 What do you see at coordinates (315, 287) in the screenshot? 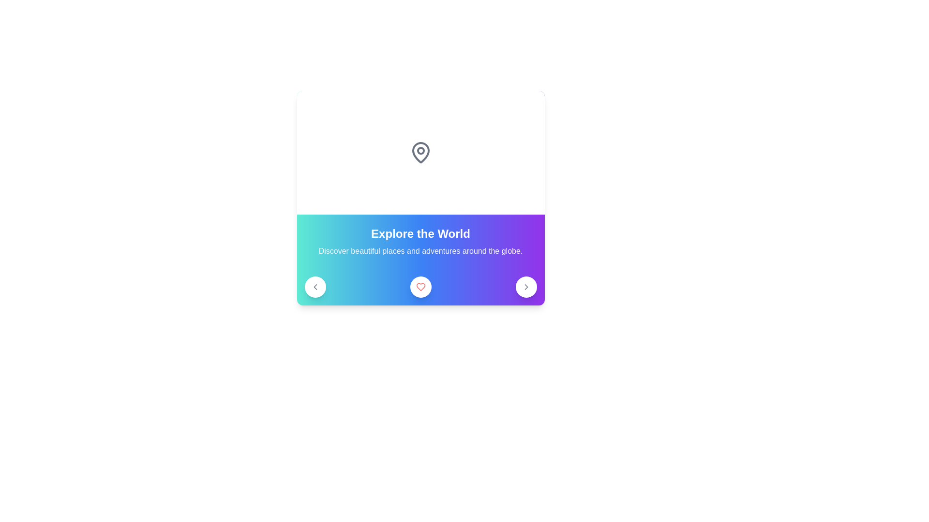
I see `the leftward-pointing chevron arrow icon, which is styled in a neutral color and positioned in the left navigation area of the feature card` at bounding box center [315, 287].